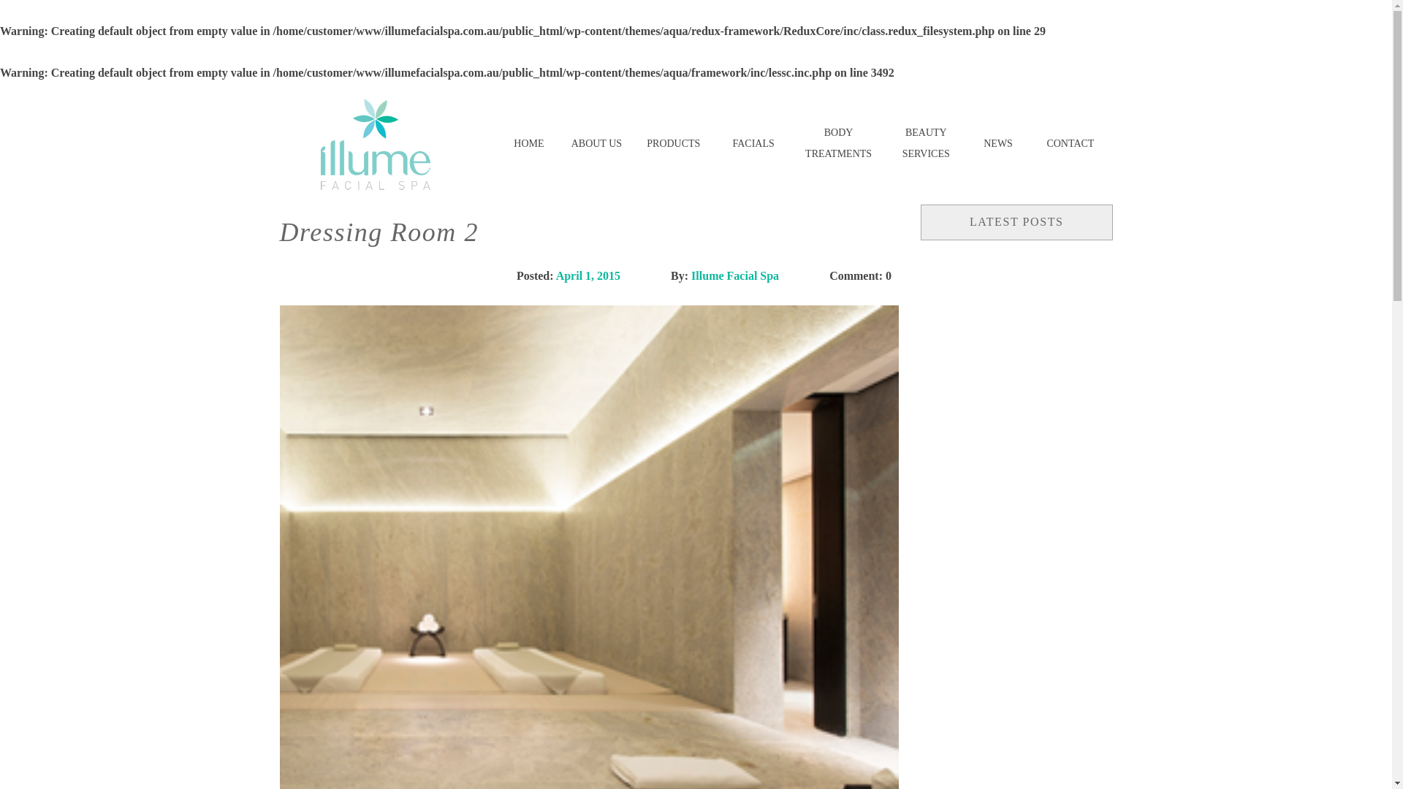 The image size is (1403, 789). What do you see at coordinates (588, 275) in the screenshot?
I see `'April 1, 2015'` at bounding box center [588, 275].